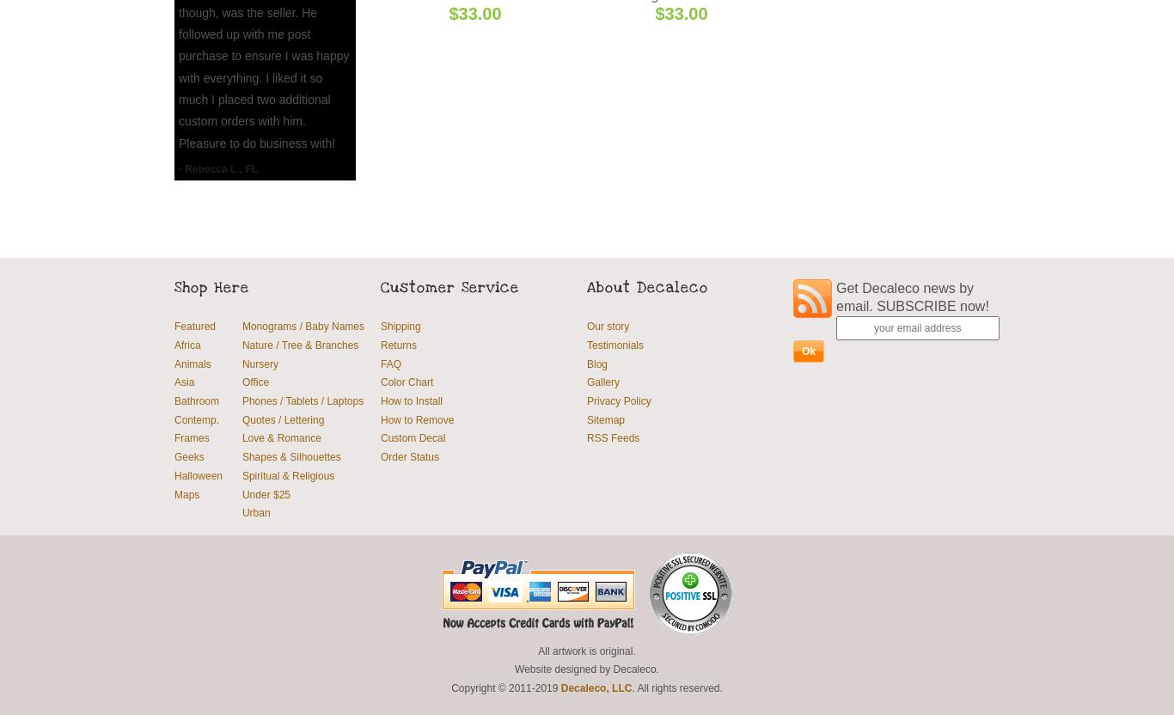 The width and height of the screenshot is (1174, 715). Describe the element at coordinates (615, 344) in the screenshot. I see `'Testimonials'` at that location.